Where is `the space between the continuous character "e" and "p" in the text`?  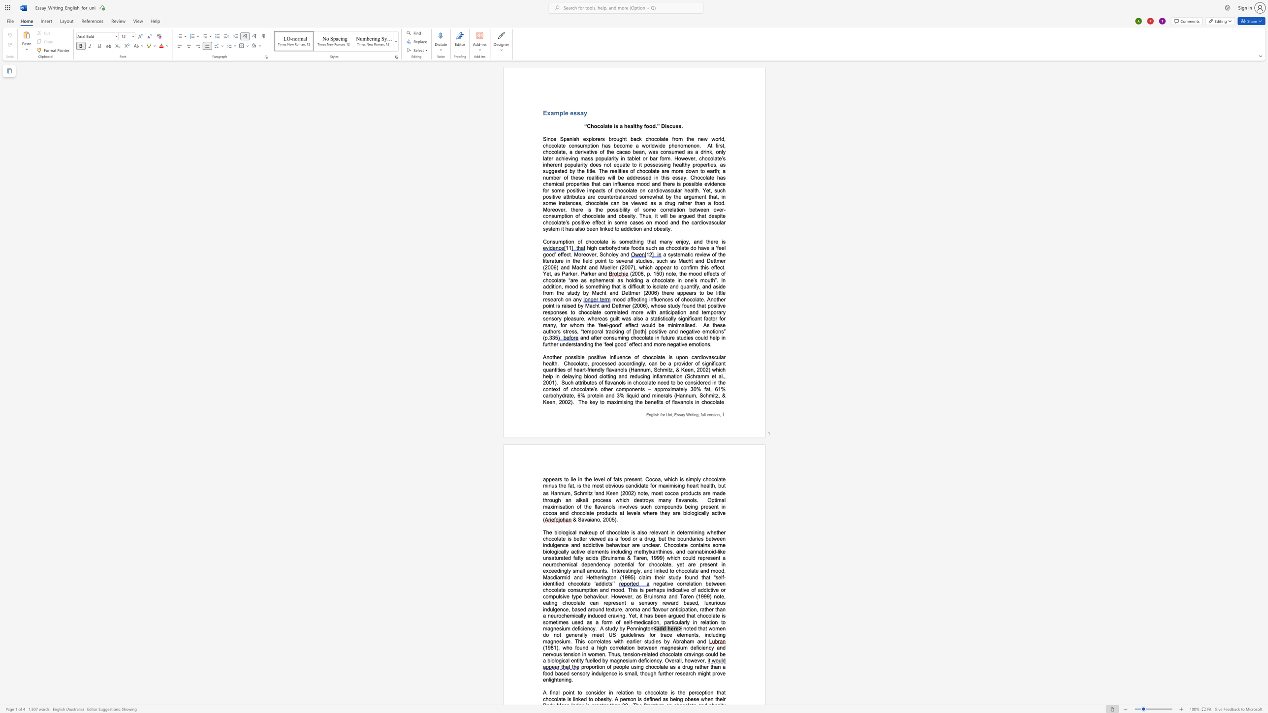 the space between the continuous character "e" and "p" in the text is located at coordinates (702, 692).